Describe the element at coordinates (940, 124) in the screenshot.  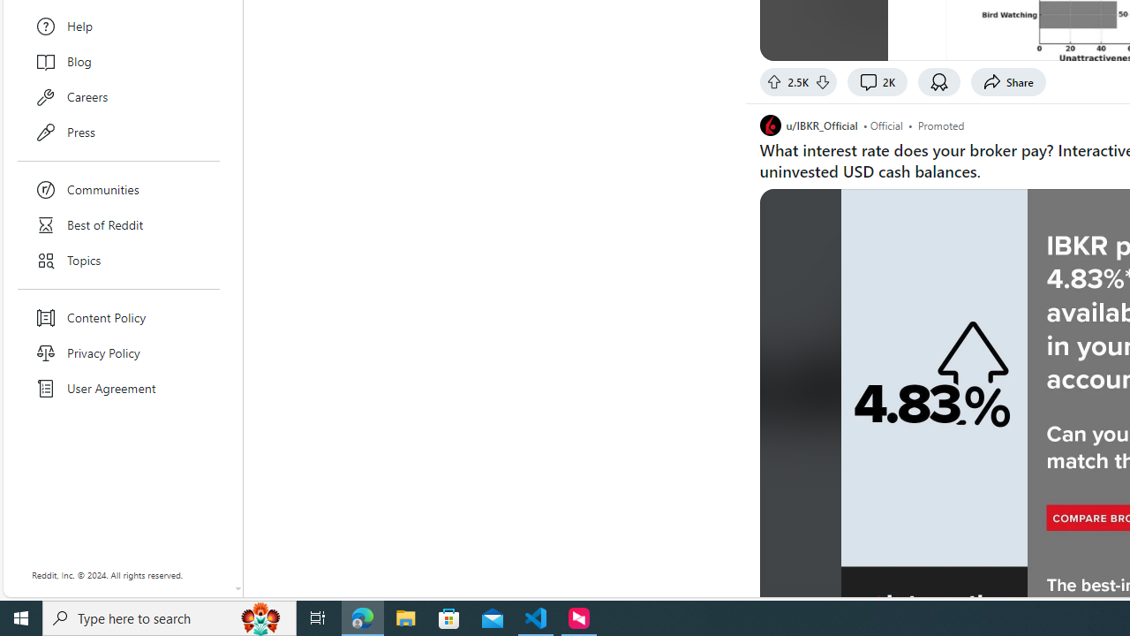
I see `'Promoted'` at that location.